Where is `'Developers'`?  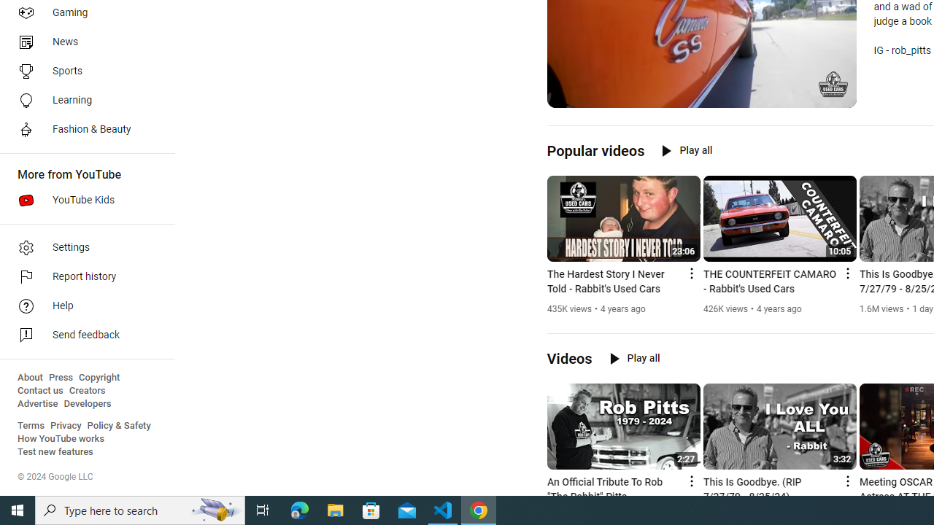
'Developers' is located at coordinates (87, 404).